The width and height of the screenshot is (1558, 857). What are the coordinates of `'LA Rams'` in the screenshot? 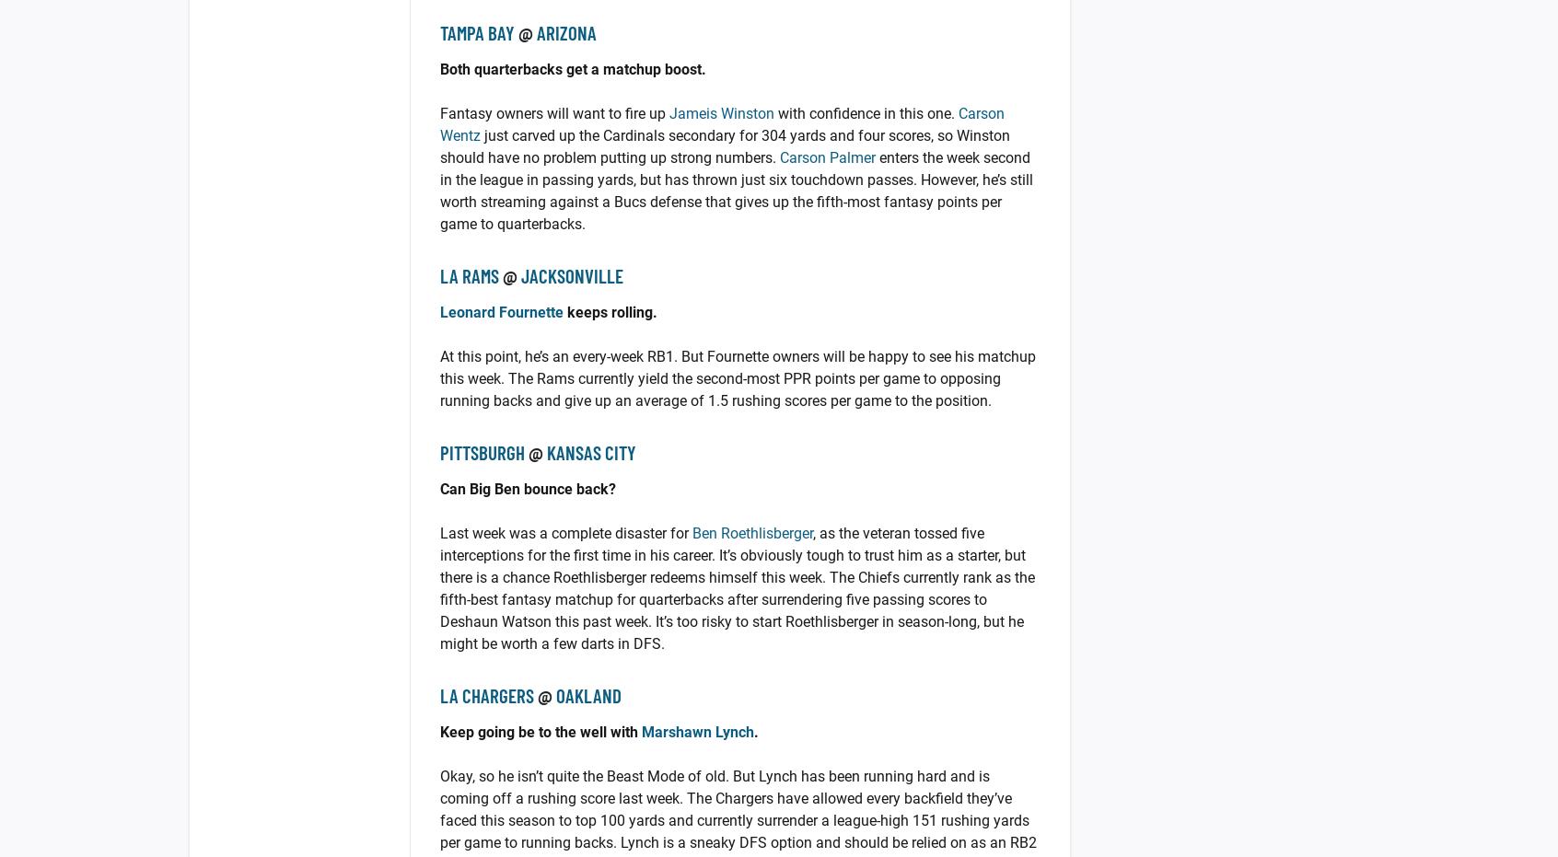 It's located at (438, 274).